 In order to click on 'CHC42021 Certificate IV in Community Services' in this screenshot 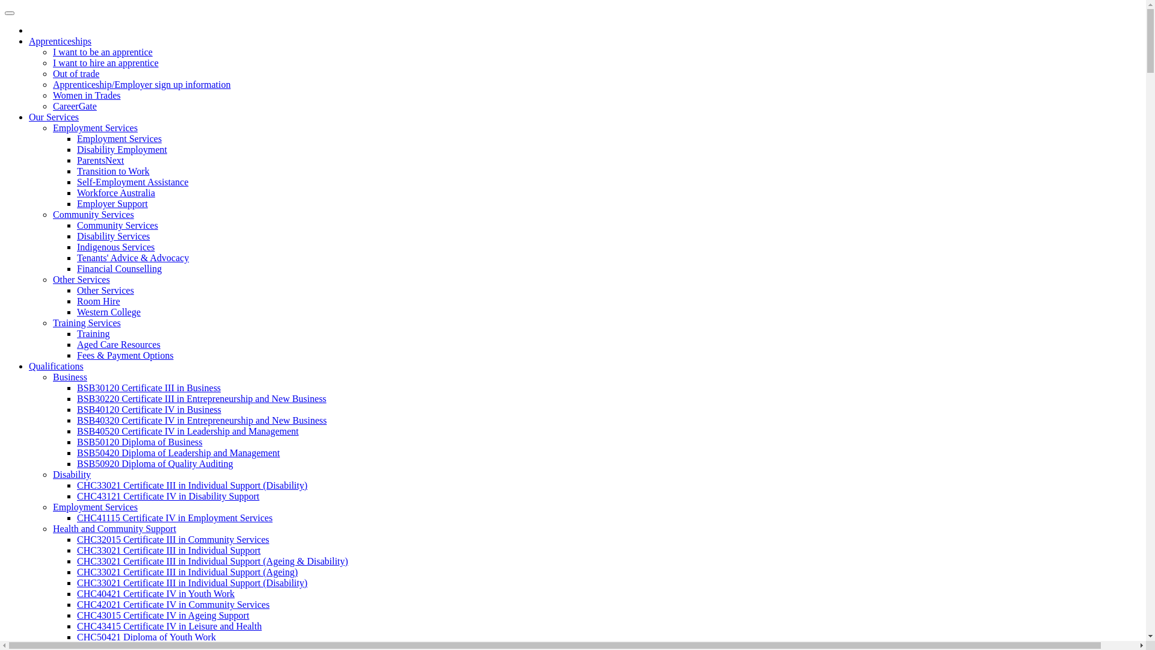, I will do `click(173, 604)`.